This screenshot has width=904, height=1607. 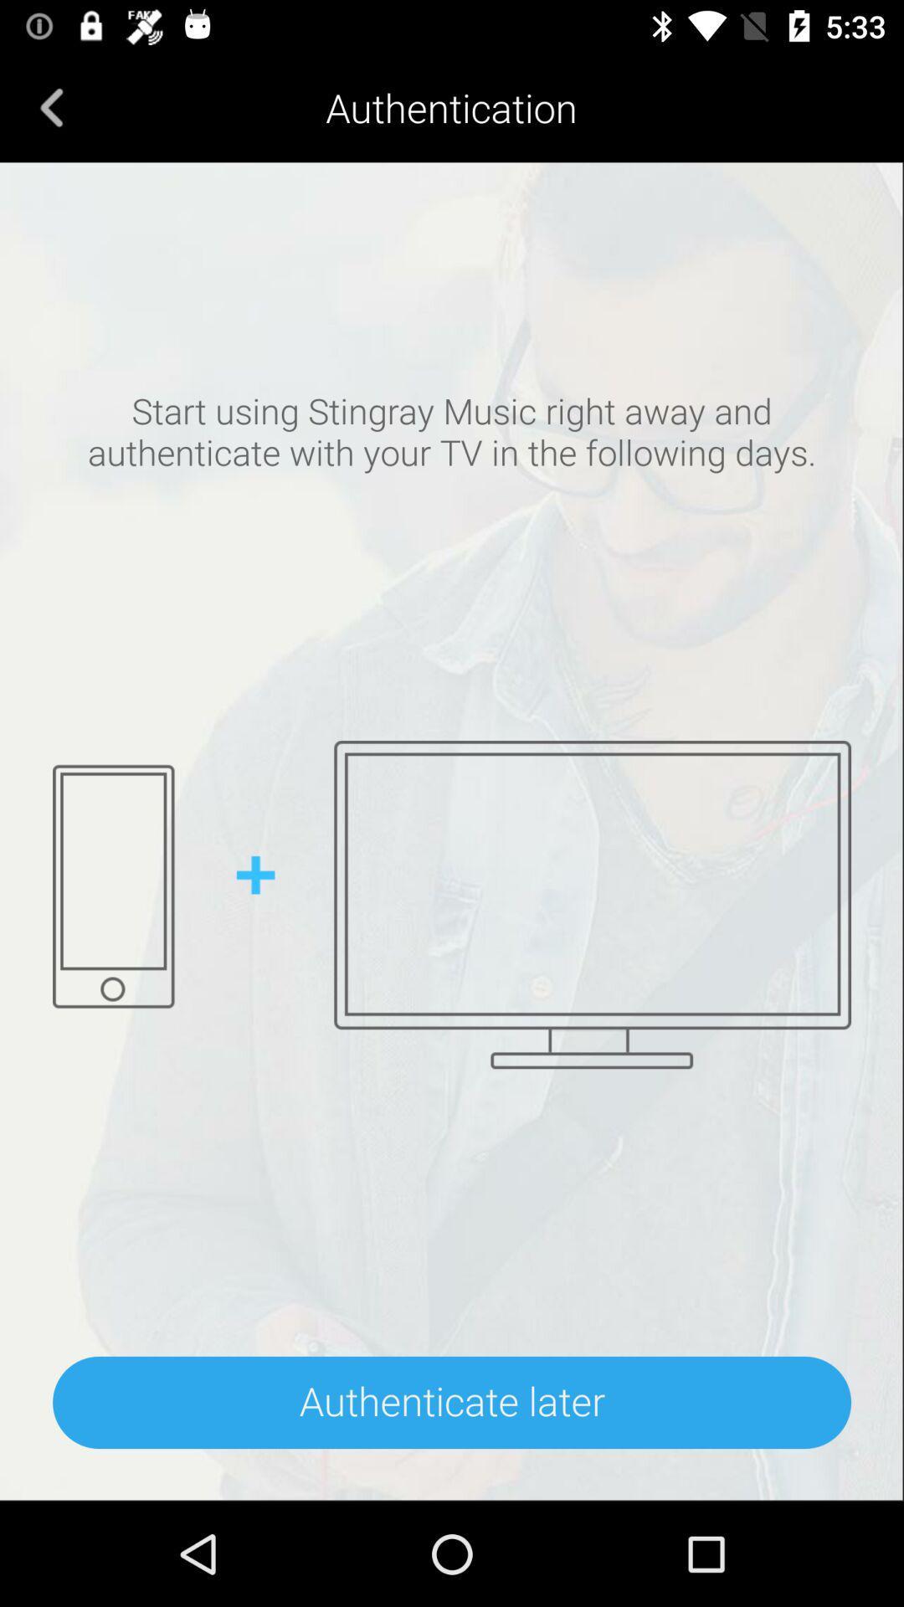 What do you see at coordinates (51, 106) in the screenshot?
I see `the icon at the top left corner` at bounding box center [51, 106].